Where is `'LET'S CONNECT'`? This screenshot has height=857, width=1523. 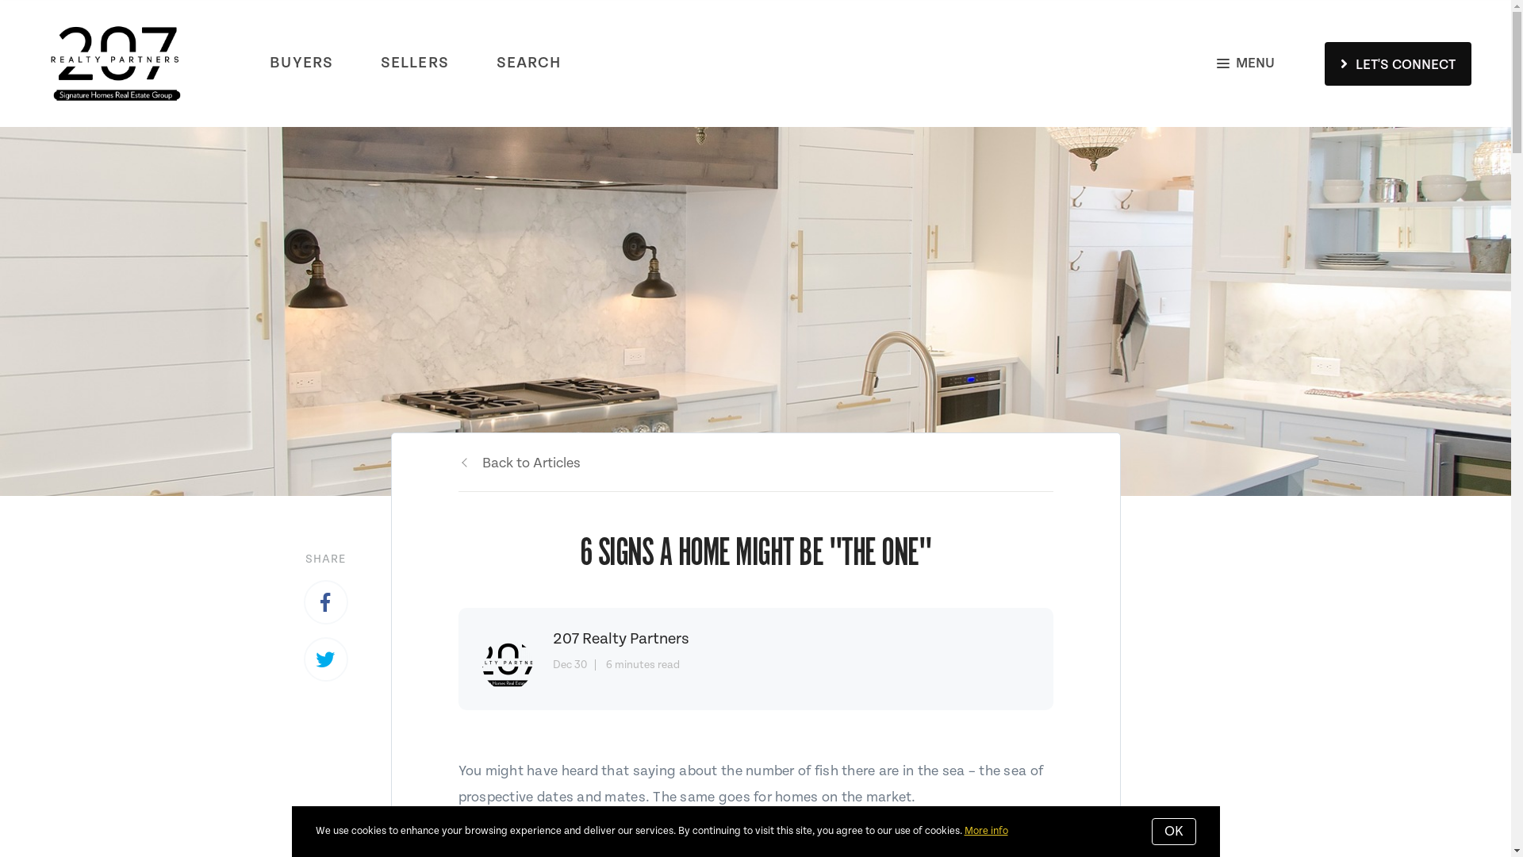
'LET'S CONNECT' is located at coordinates (1398, 62).